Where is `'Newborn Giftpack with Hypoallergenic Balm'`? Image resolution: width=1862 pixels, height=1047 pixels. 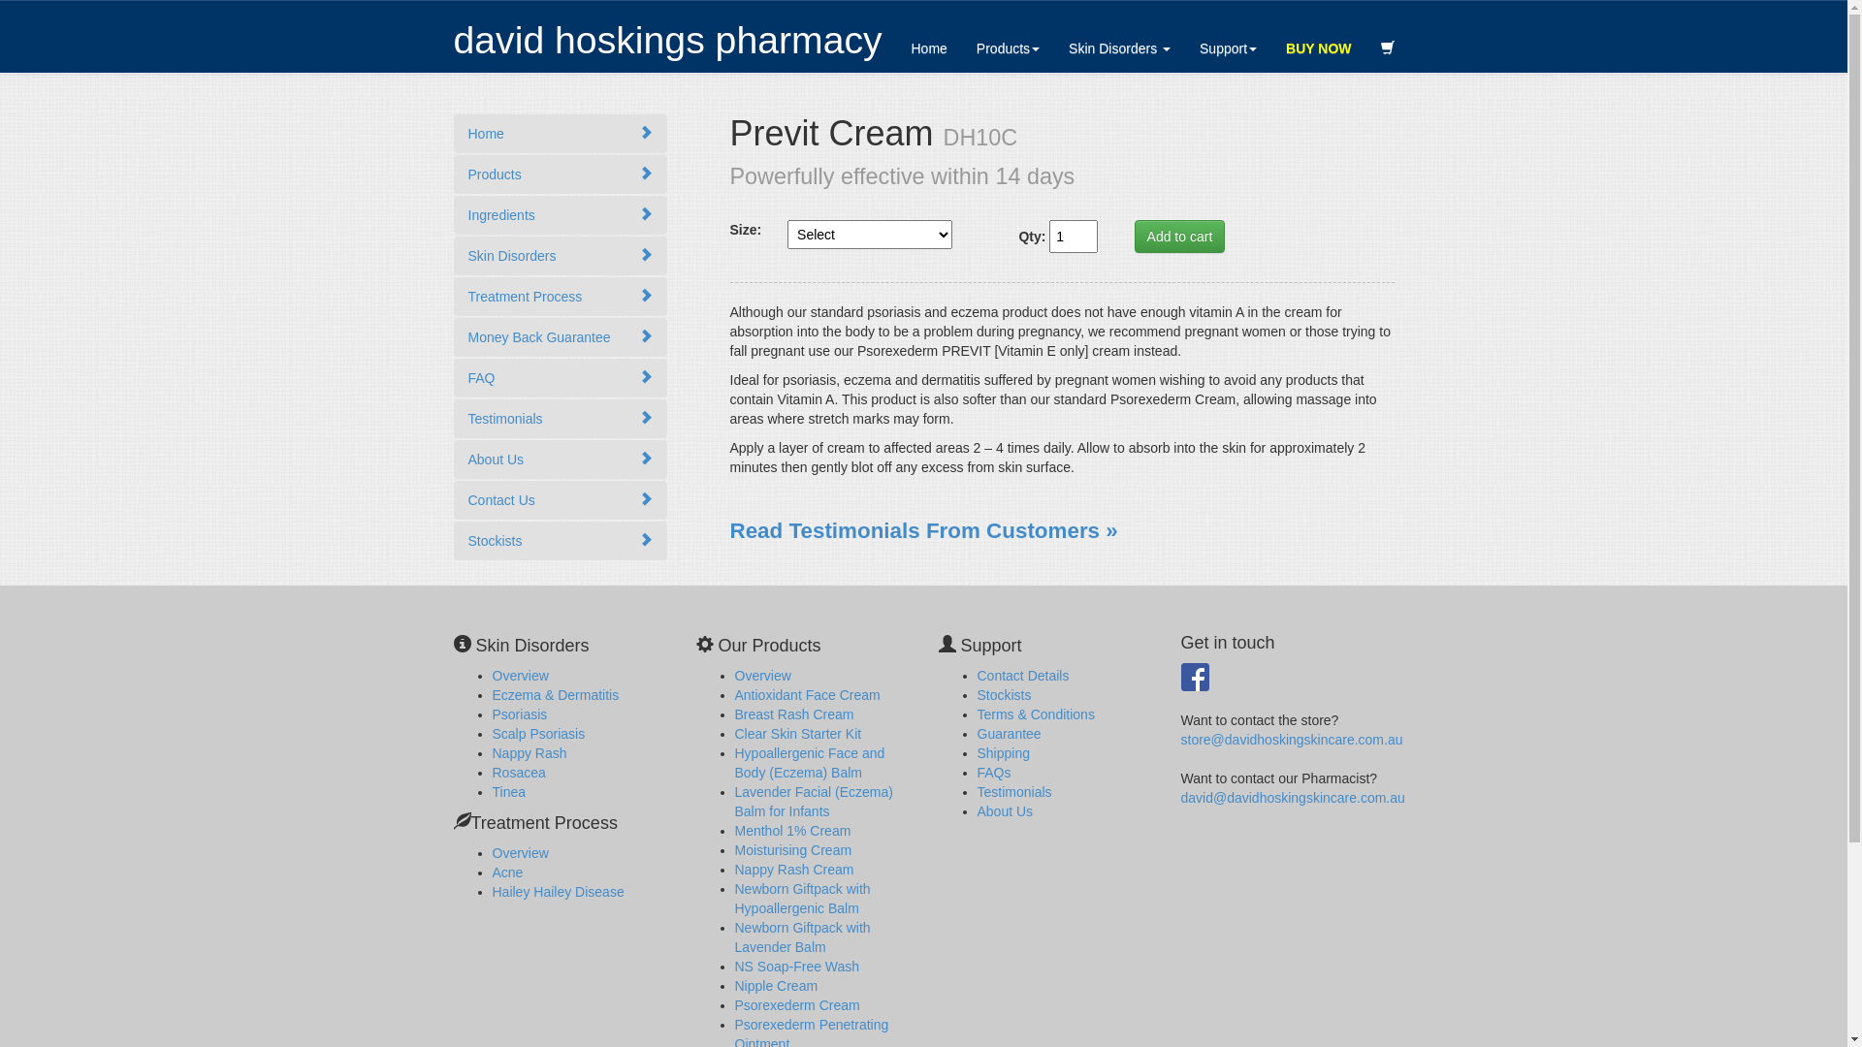
'Newborn Giftpack with Hypoallergenic Balm' is located at coordinates (803, 898).